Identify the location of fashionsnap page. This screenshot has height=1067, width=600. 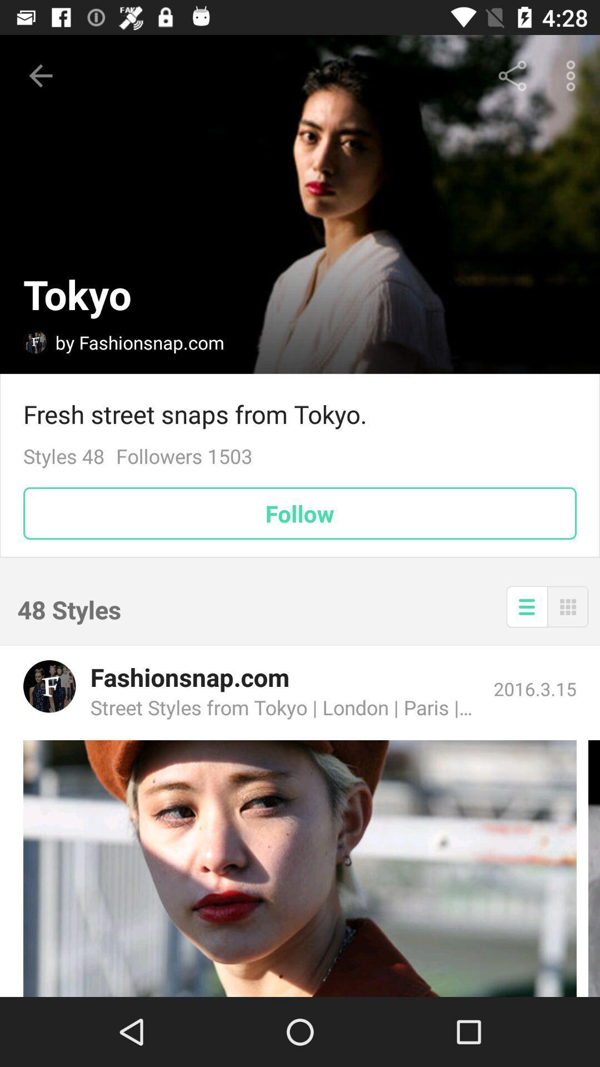
(49, 686).